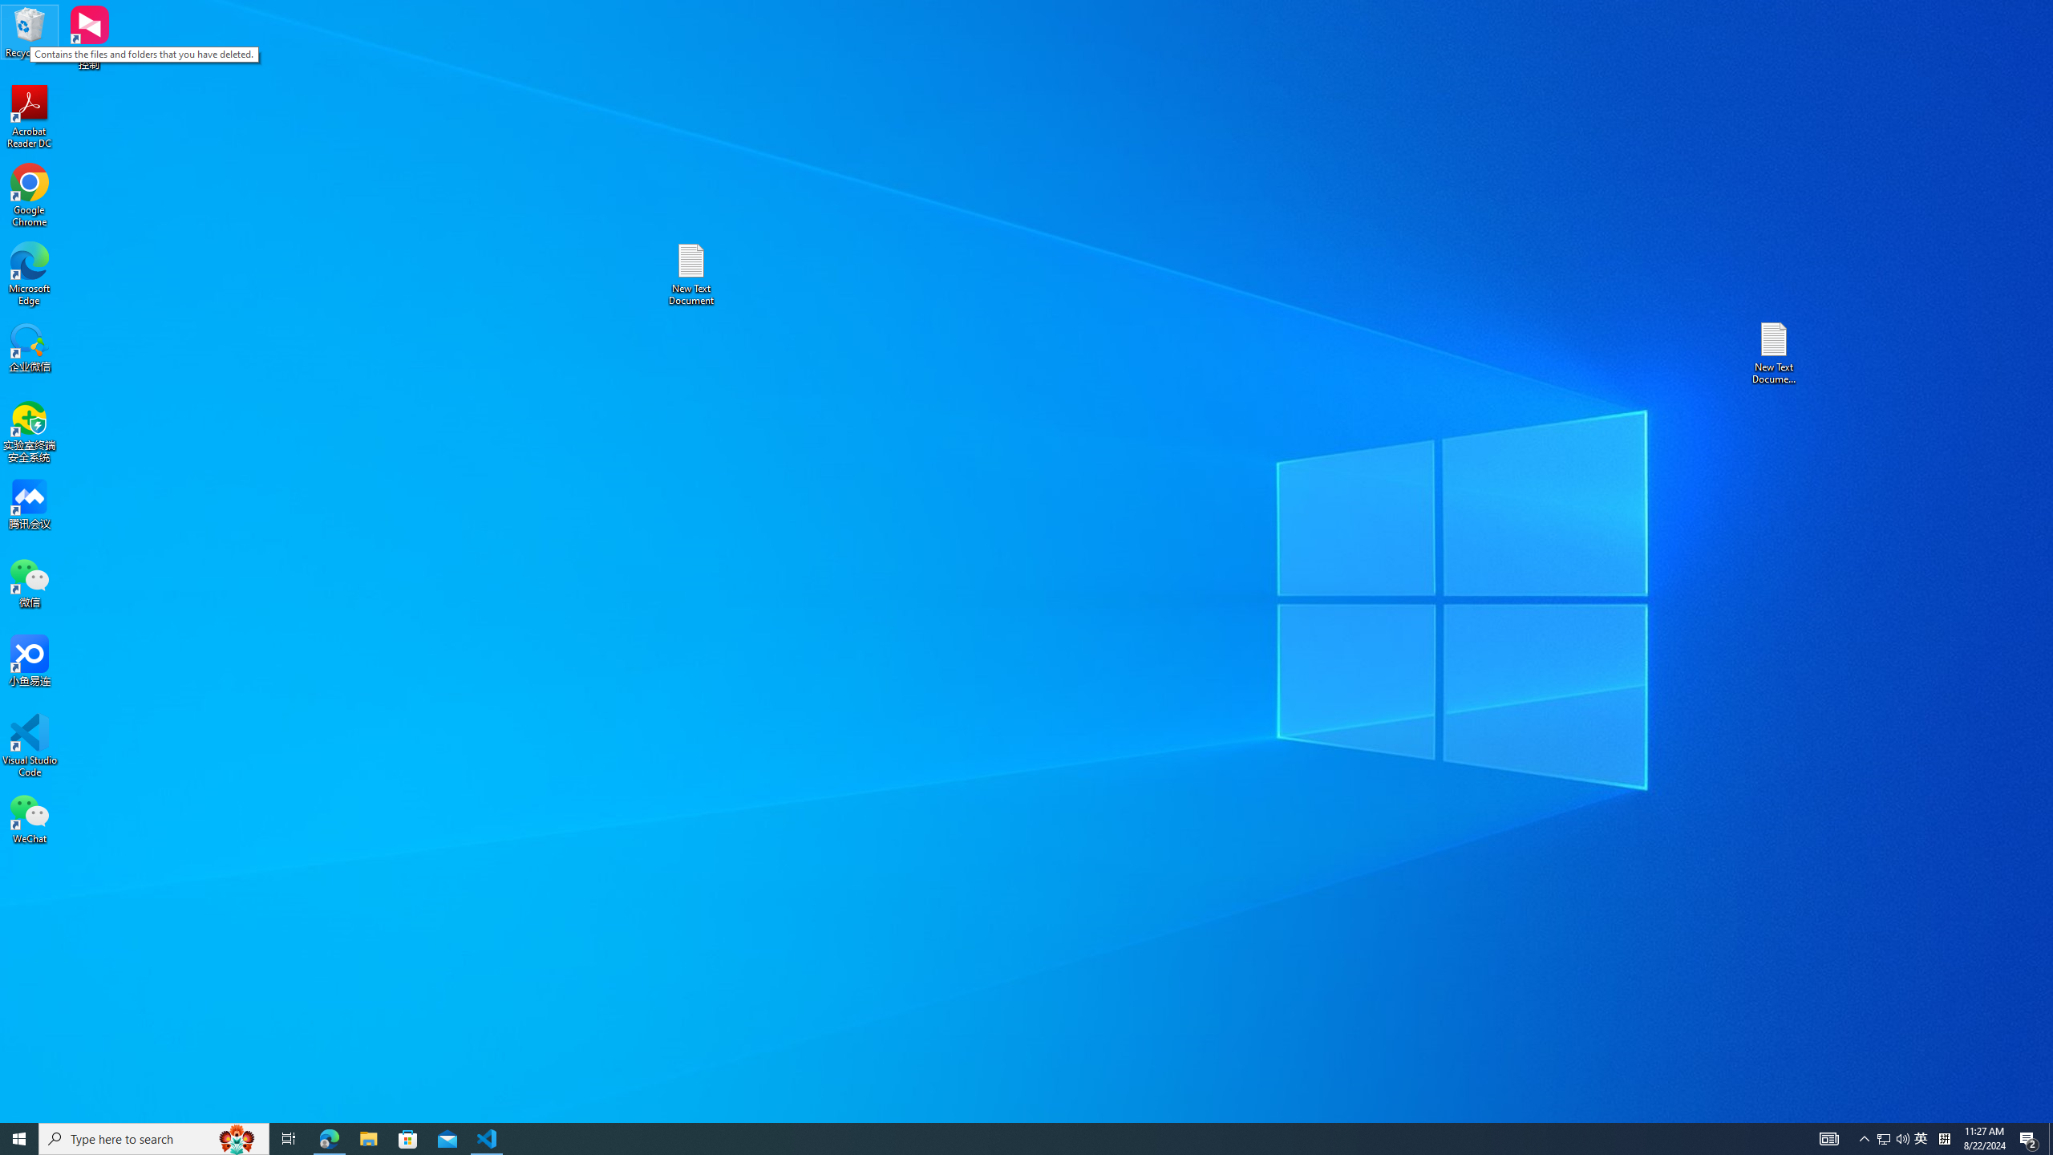 This screenshot has width=2053, height=1155. I want to click on 'New Text Document', so click(690, 274).